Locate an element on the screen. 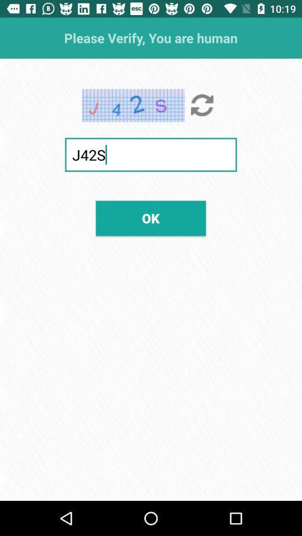 The height and width of the screenshot is (536, 302). the icon below j42s item is located at coordinates (150, 218).